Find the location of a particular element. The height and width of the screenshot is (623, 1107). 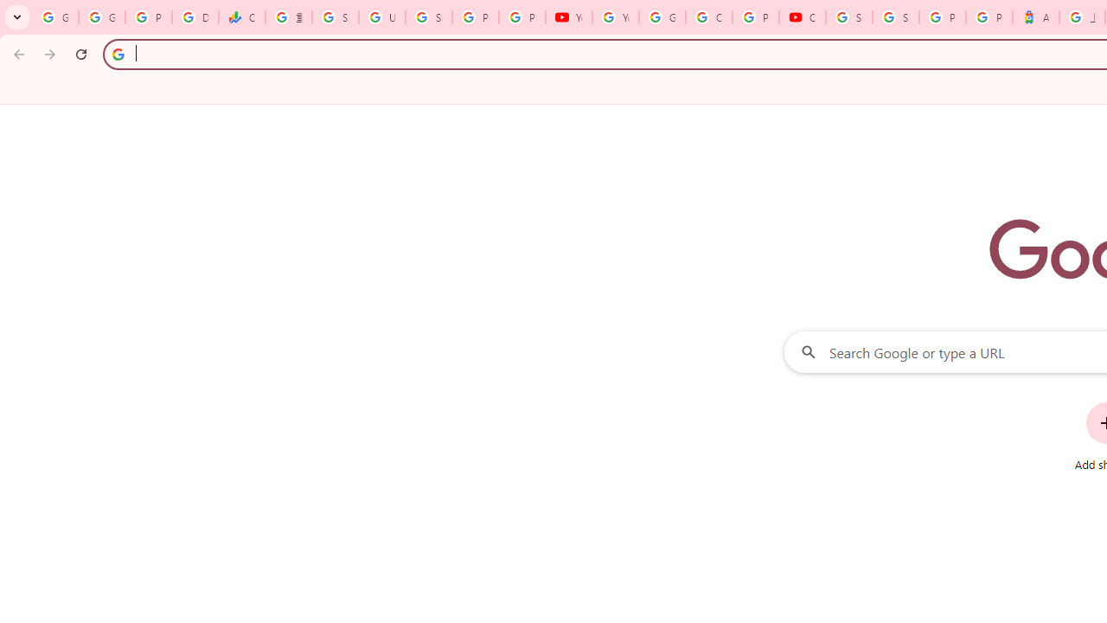

'Google Account Help' is located at coordinates (662, 17).